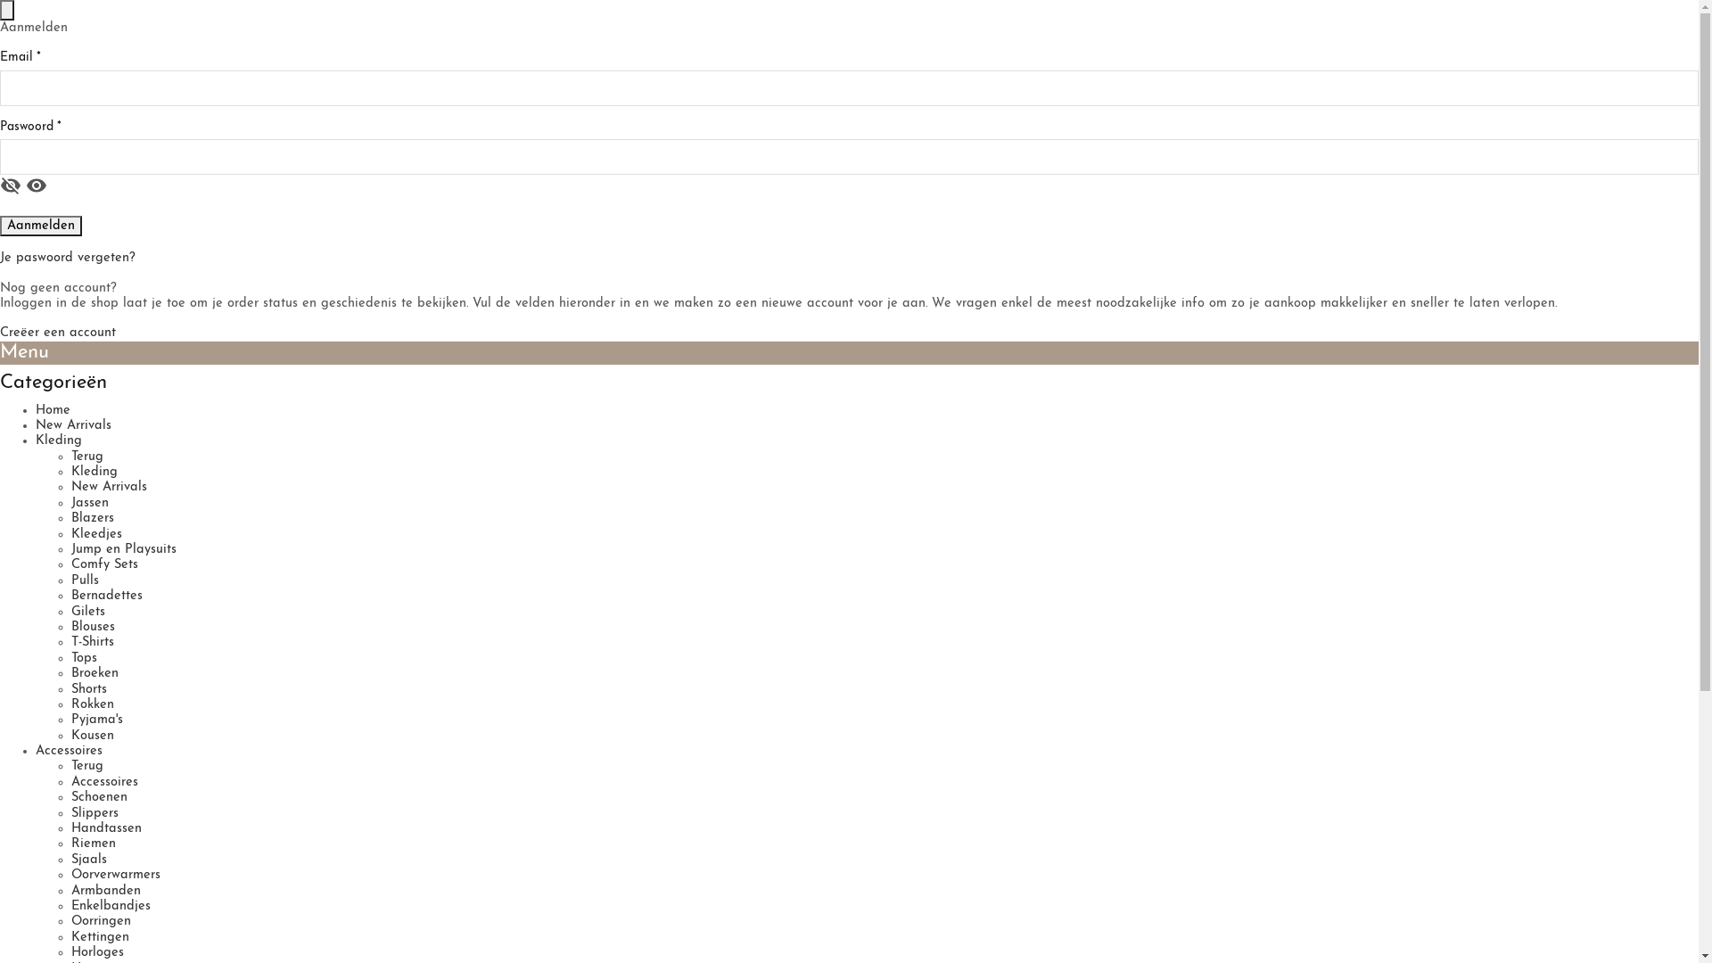  I want to click on 'Gilets', so click(87, 611).